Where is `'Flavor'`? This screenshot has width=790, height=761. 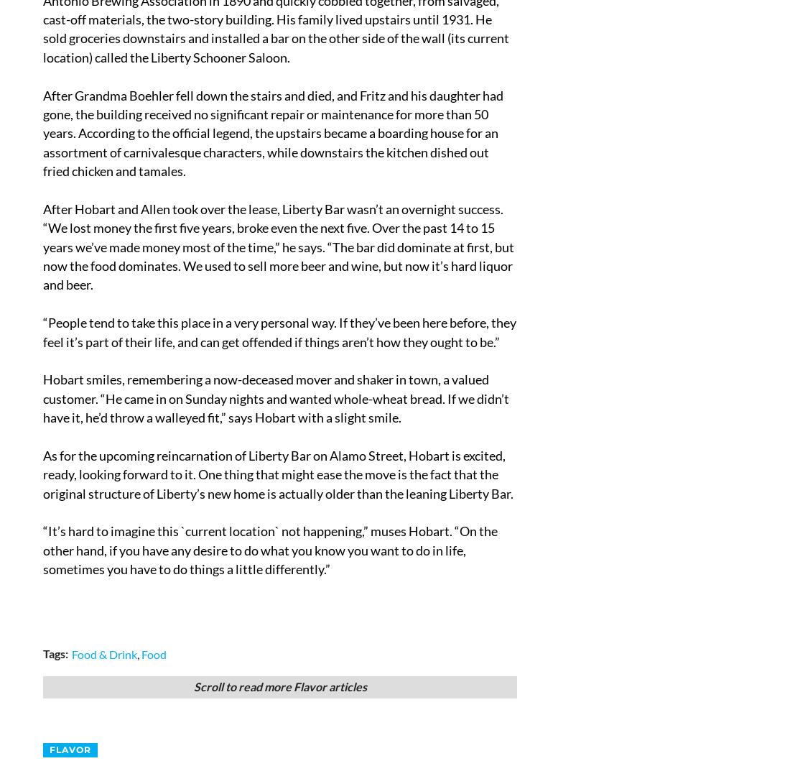 'Flavor' is located at coordinates (70, 748).